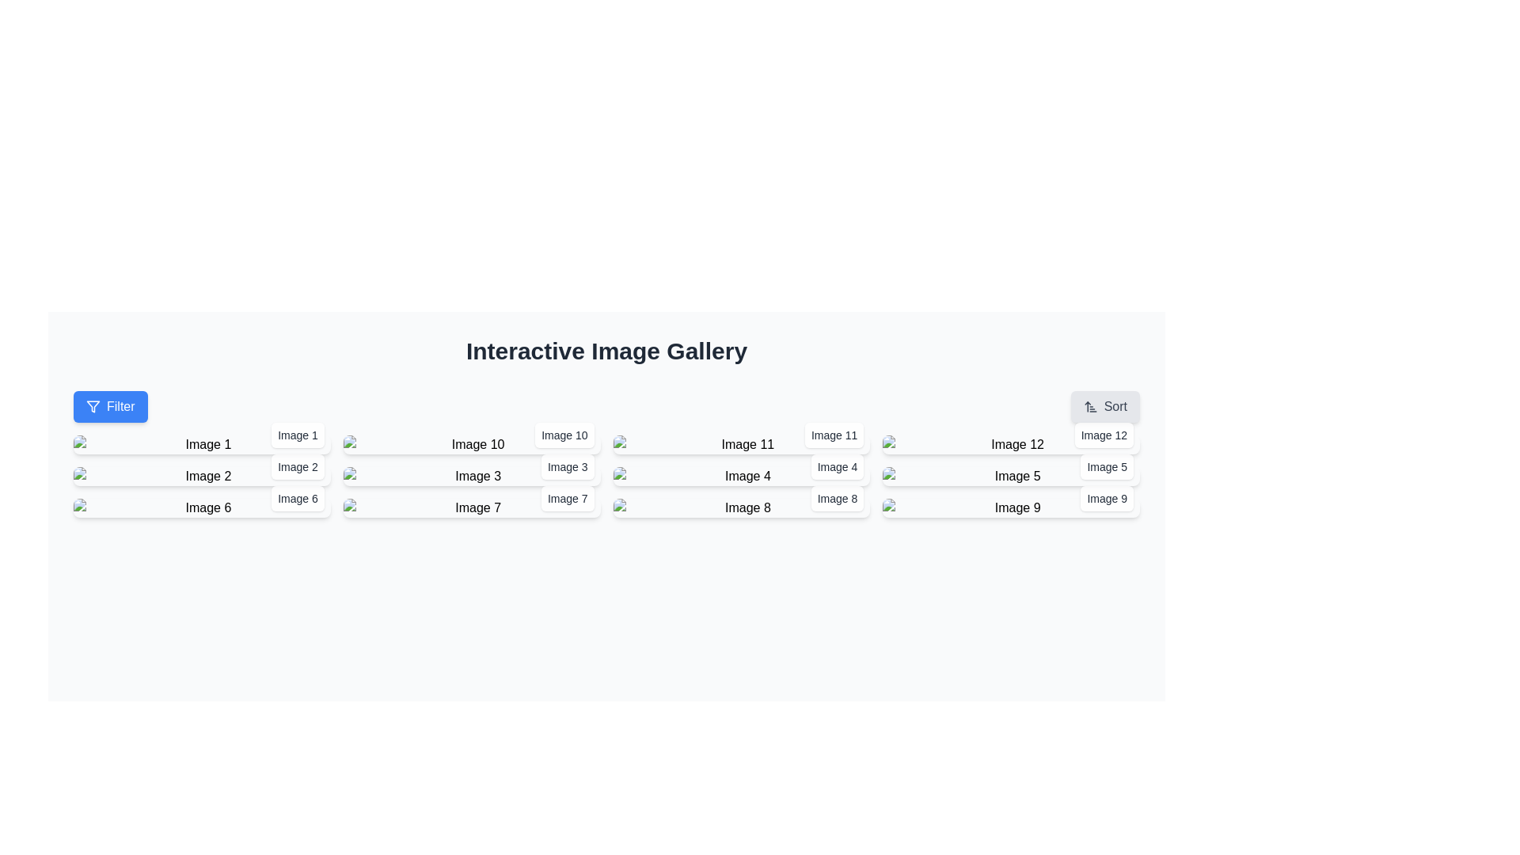 The image size is (1520, 855). Describe the element at coordinates (836, 497) in the screenshot. I see `the textual label displaying 'Image 8' in a small gray font, located within a white rounded rectangle in the bottom right corner of the interactive gallery` at that location.